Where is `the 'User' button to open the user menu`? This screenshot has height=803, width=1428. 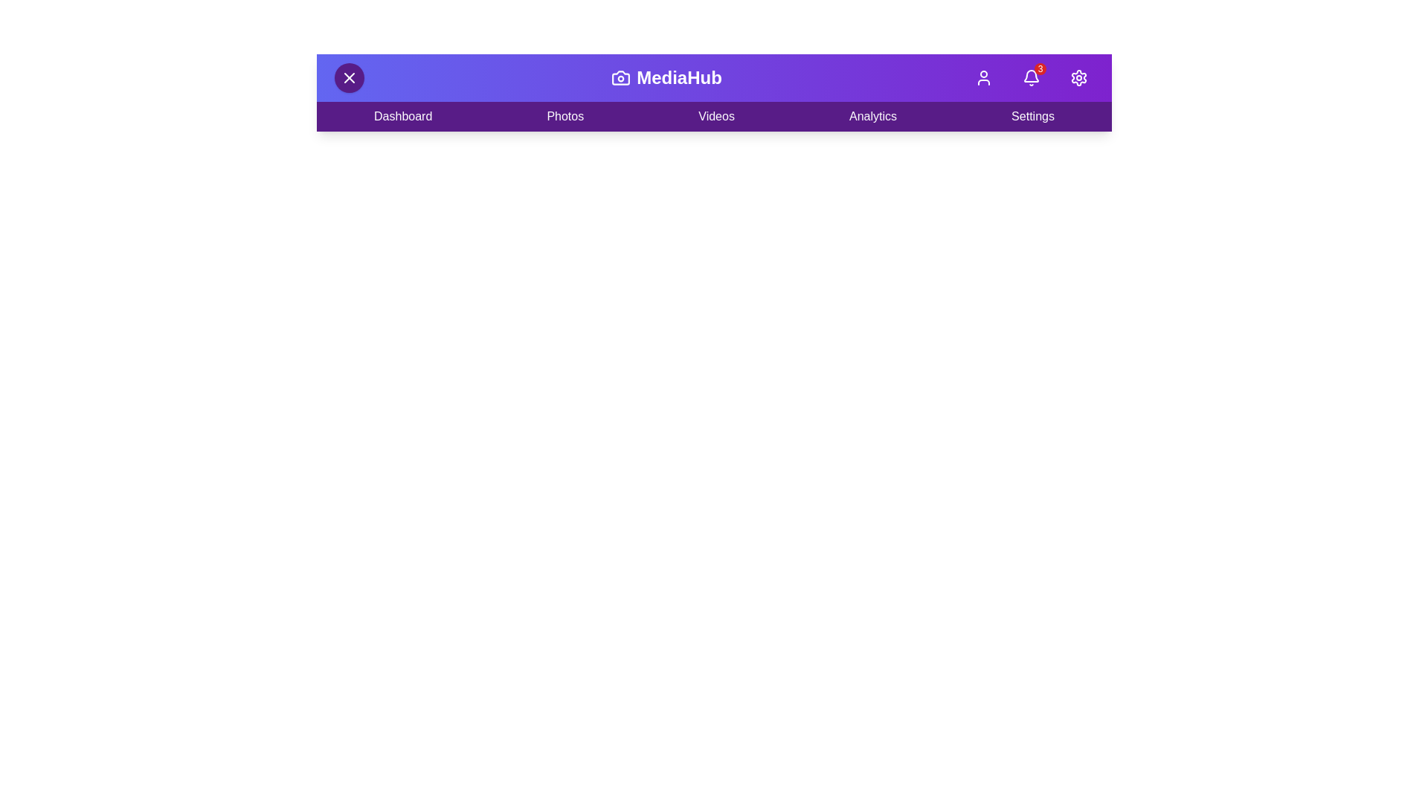
the 'User' button to open the user menu is located at coordinates (984, 77).